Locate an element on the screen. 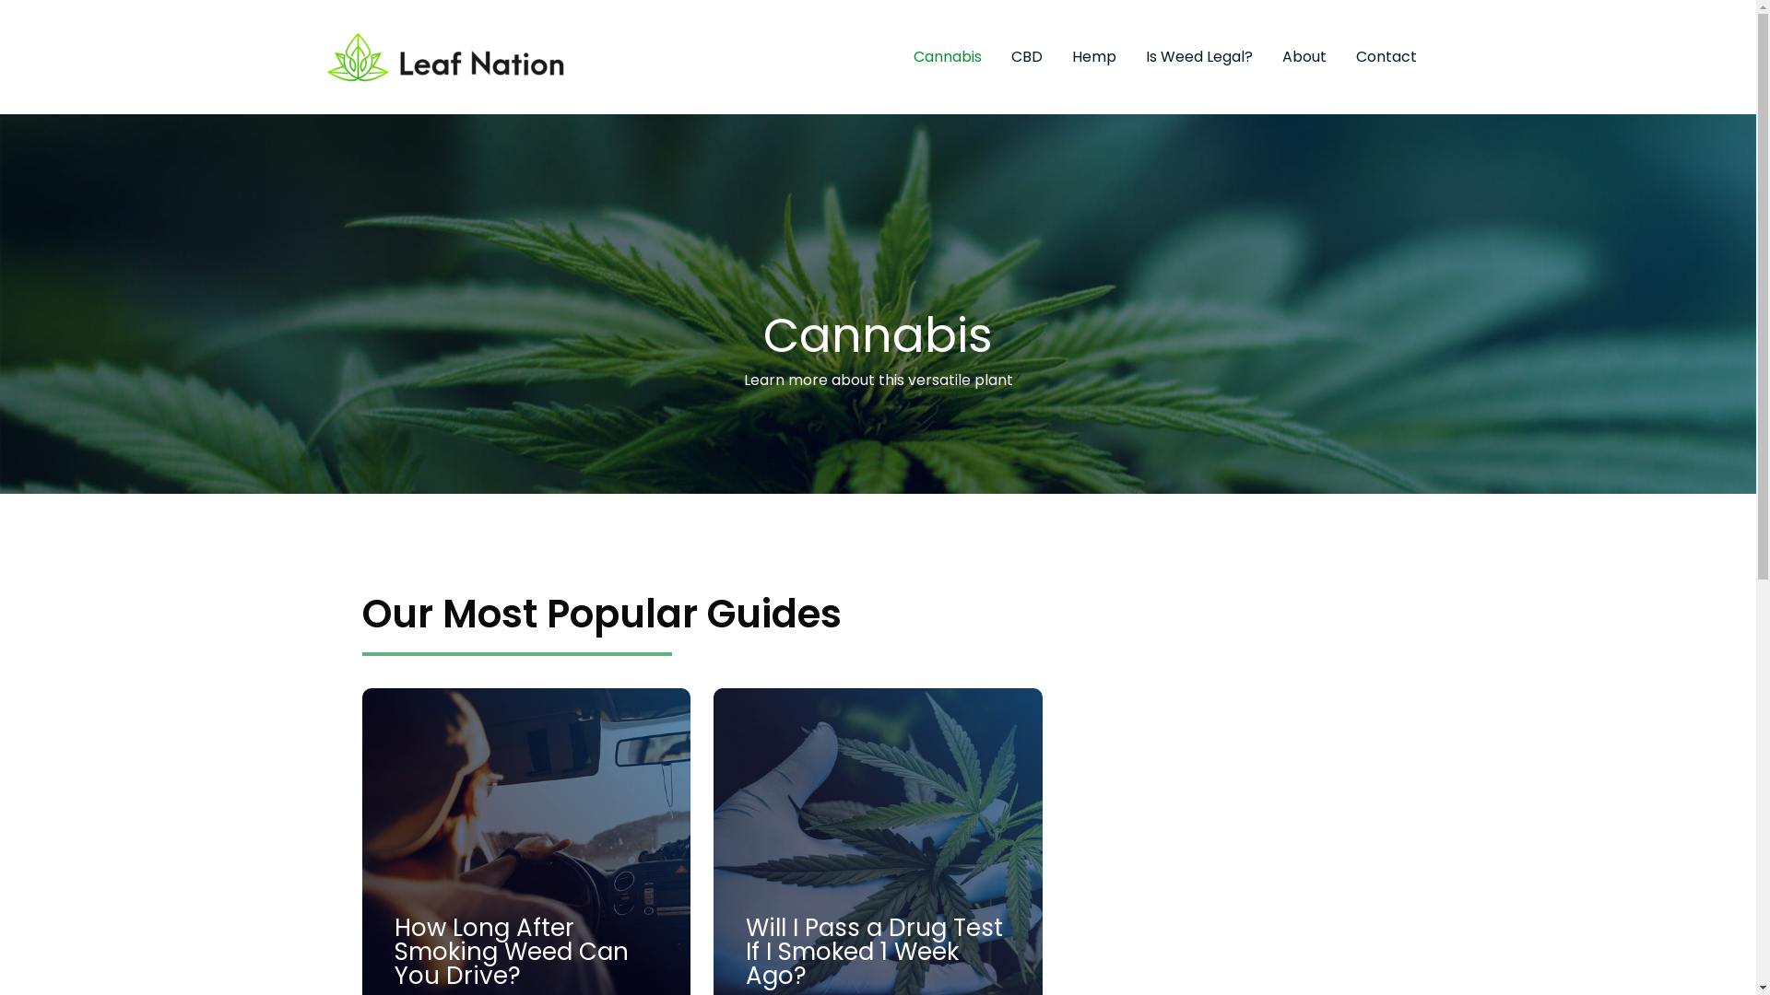 The height and width of the screenshot is (995, 1770). 'Is Weed Legal?' is located at coordinates (1198, 55).